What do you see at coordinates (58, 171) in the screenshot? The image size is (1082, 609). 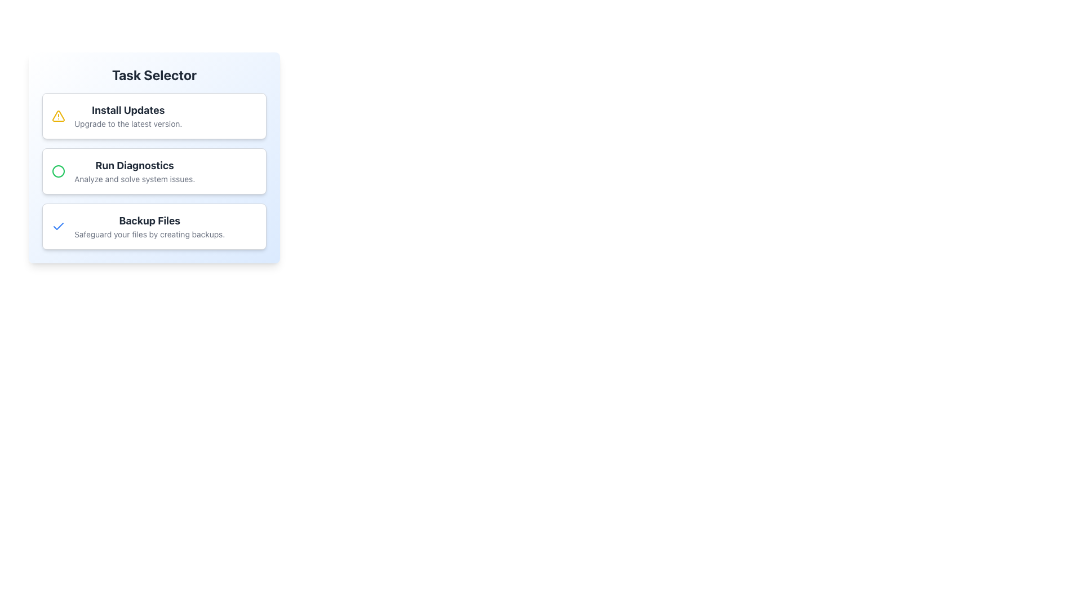 I see `the decorative SVG circle element located in the center-left region of the interface, which serves a status-indicating function` at bounding box center [58, 171].